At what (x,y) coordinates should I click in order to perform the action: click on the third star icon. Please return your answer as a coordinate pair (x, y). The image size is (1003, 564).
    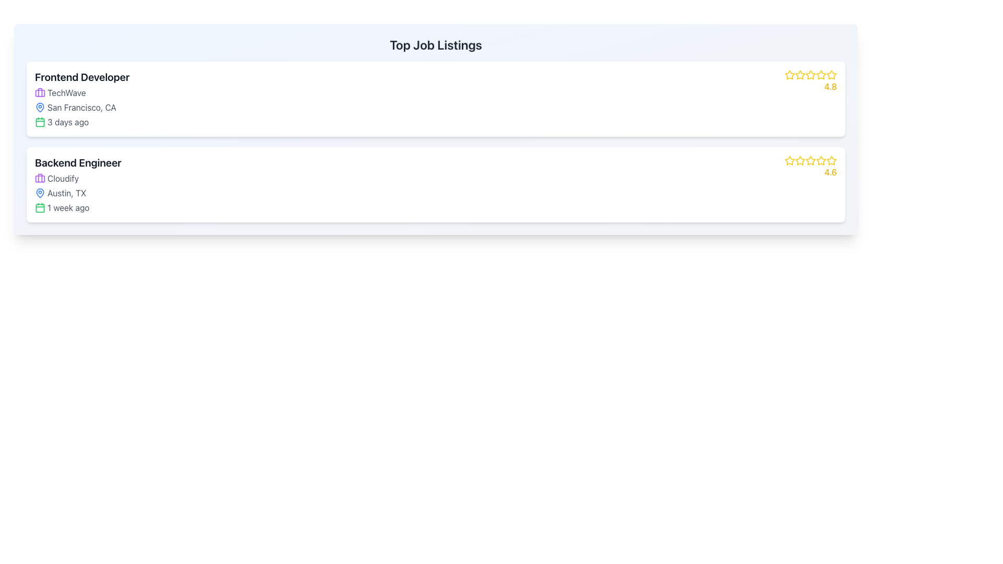
    Looking at the image, I should click on (810, 160).